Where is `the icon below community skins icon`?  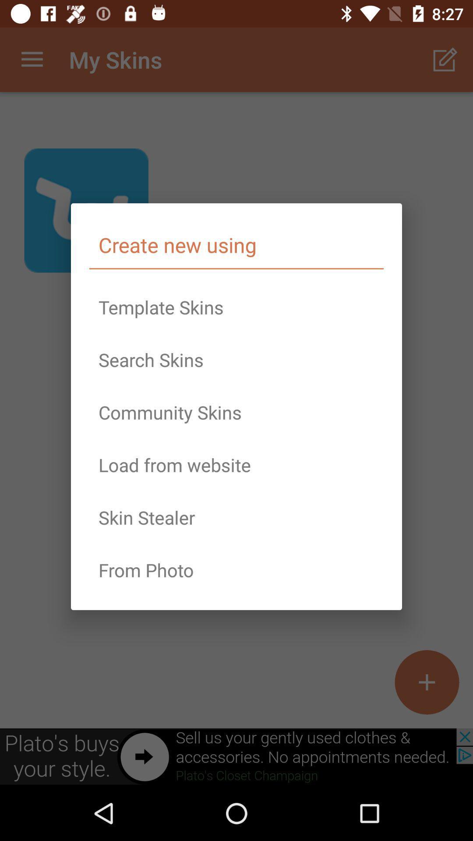 the icon below community skins icon is located at coordinates (236, 464).